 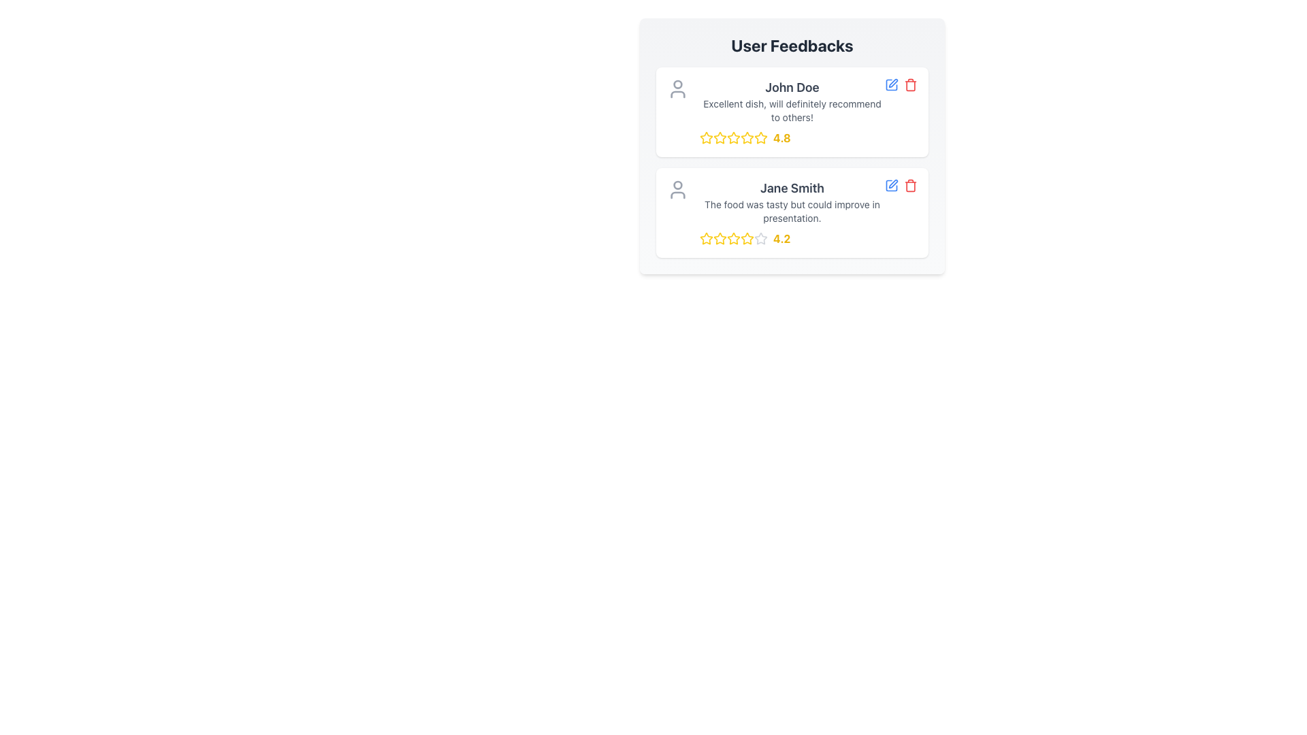 What do you see at coordinates (747, 238) in the screenshot?
I see `the visual representation of the fifth yellow star icon in the user feedback section below the comment from 'Jane Smith'` at bounding box center [747, 238].